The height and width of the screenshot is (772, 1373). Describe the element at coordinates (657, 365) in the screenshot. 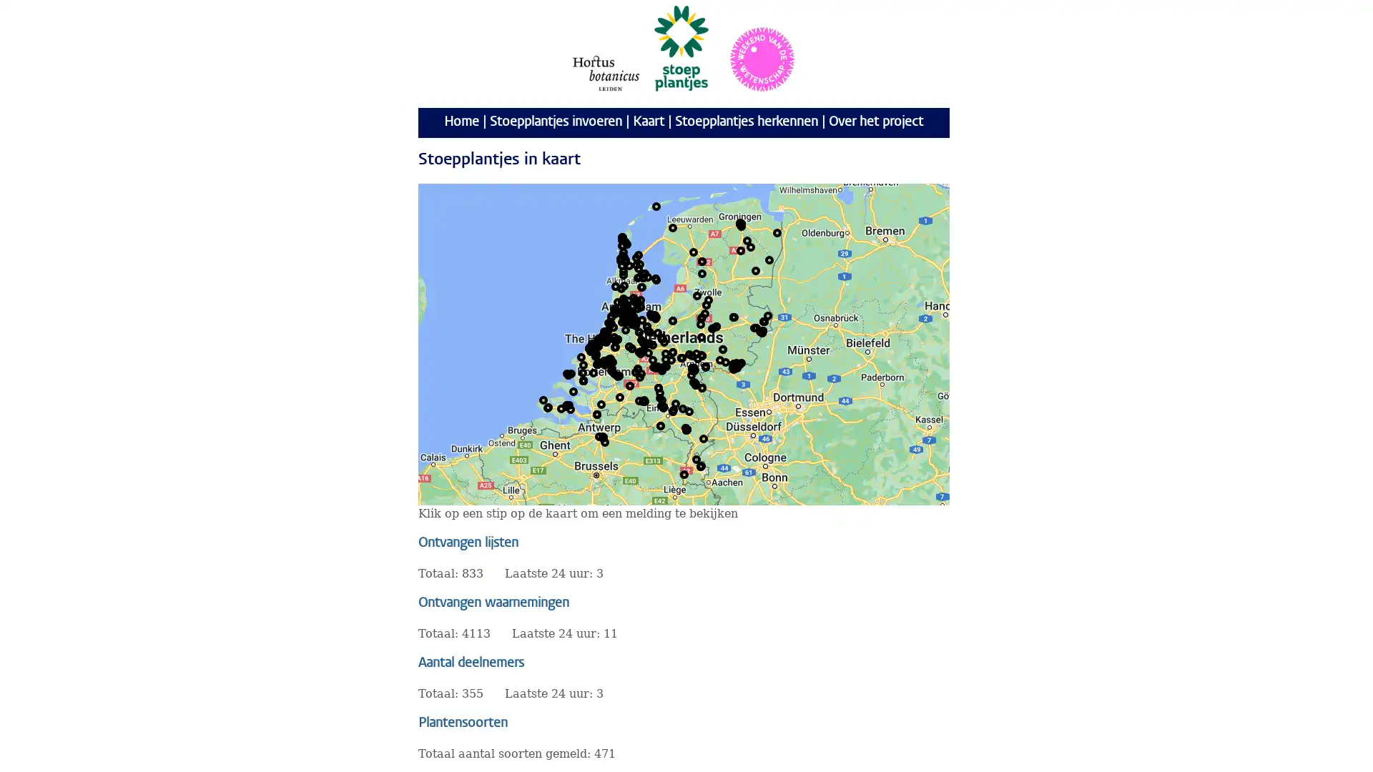

I see `Telling van Albertine op 13 november 2021` at that location.